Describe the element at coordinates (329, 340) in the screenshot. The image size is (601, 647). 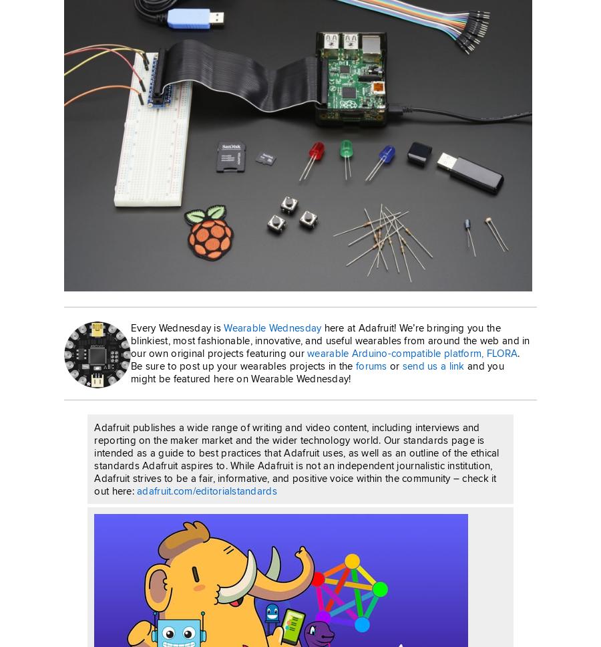
I see `'here at Adafruit! We’re bringing you the blinkiest, most fashionable, innovative, and useful wearables from around the web and in our own original projects featuring our'` at that location.